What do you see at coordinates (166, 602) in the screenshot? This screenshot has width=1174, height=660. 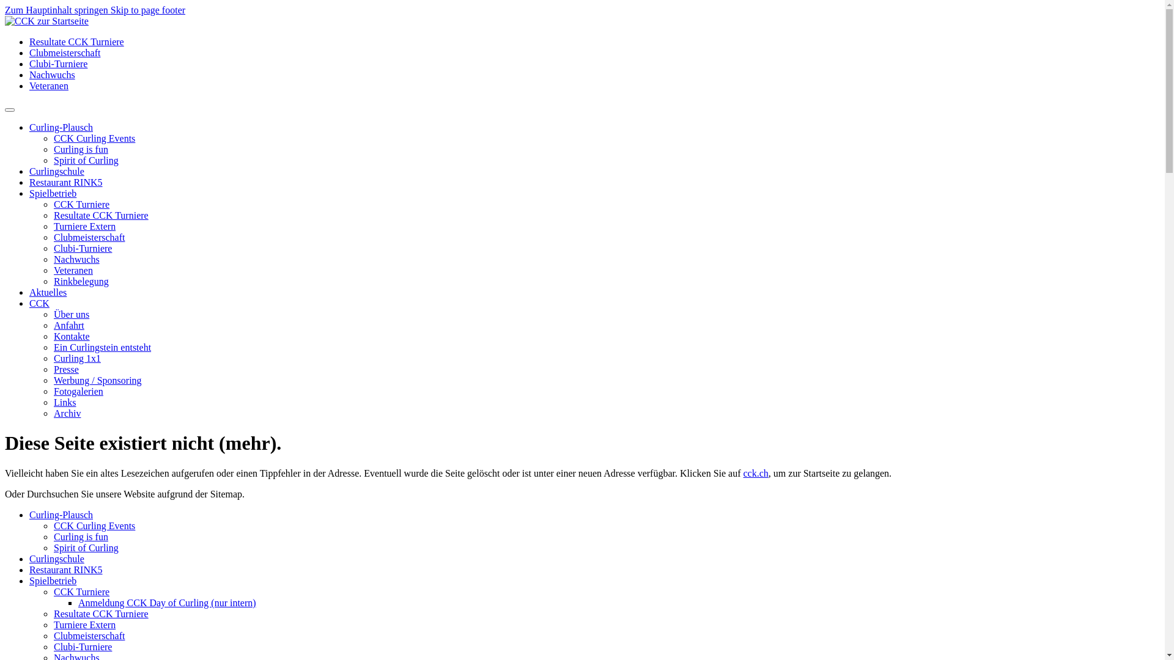 I see `'Anmeldung CCK Day of Curling (nur intern)'` at bounding box center [166, 602].